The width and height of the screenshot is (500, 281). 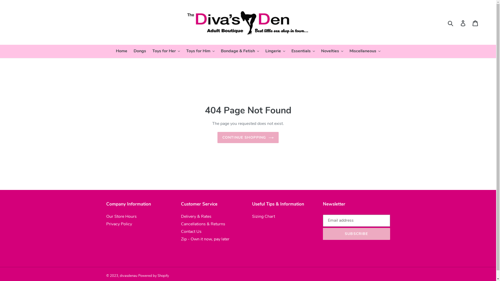 What do you see at coordinates (476, 23) in the screenshot?
I see `'Cart'` at bounding box center [476, 23].